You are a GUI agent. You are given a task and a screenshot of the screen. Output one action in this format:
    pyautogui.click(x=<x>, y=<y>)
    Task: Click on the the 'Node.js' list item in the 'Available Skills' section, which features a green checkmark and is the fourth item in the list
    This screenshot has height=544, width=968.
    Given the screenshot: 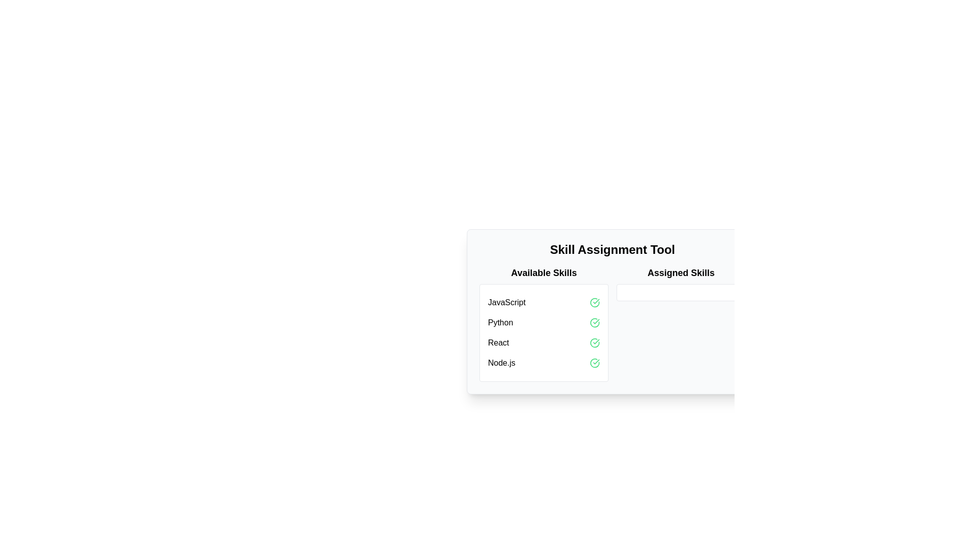 What is the action you would take?
    pyautogui.click(x=543, y=363)
    